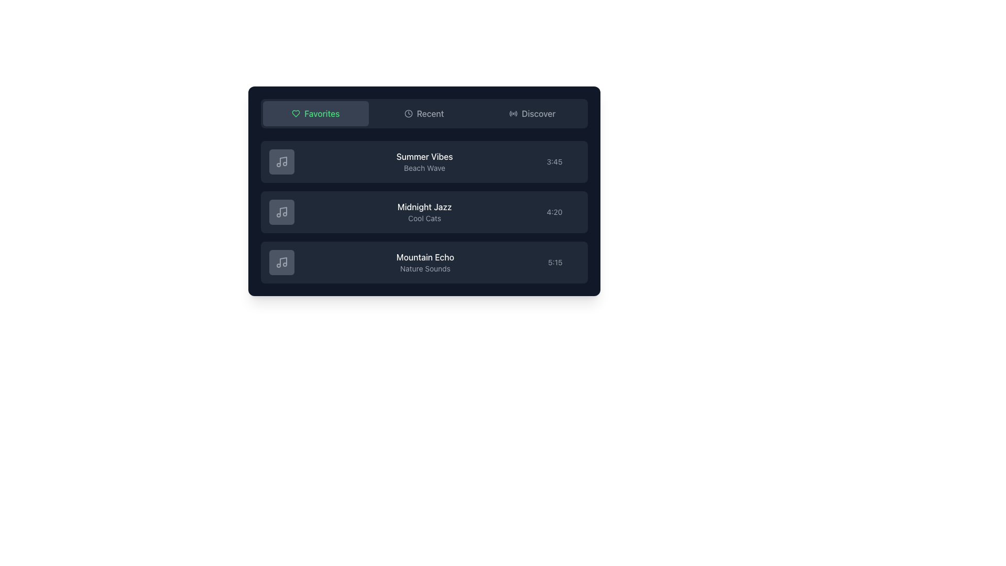 The height and width of the screenshot is (566, 1006). Describe the element at coordinates (425, 257) in the screenshot. I see `the text label indicating the title 'Mountain Echo' in the third playlist item of the 'Favorites' tab` at that location.